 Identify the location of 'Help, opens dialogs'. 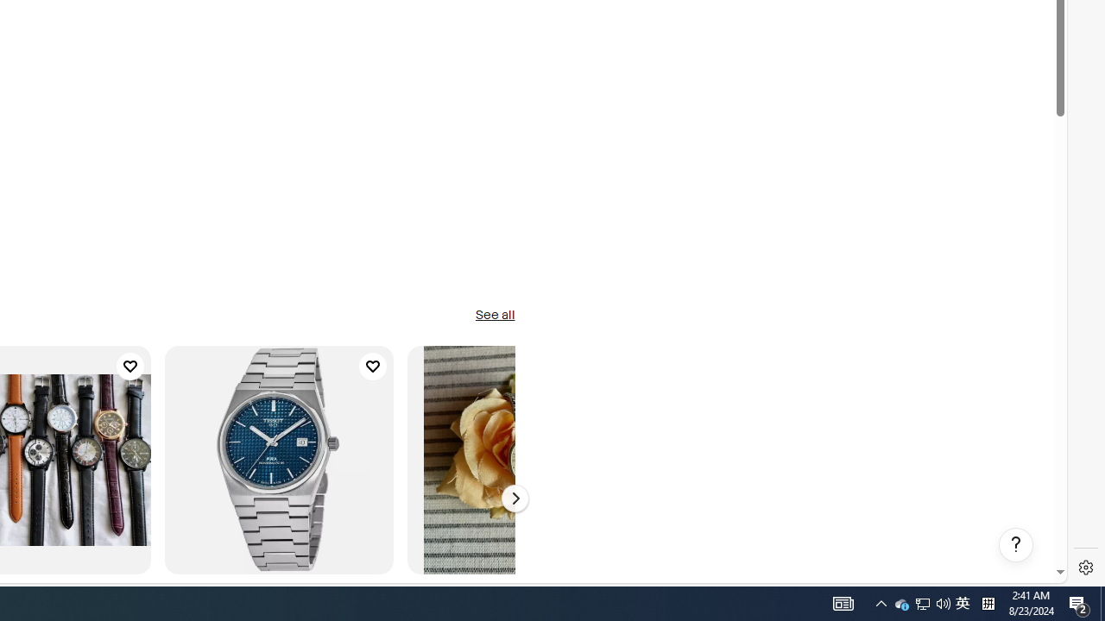
(1015, 545).